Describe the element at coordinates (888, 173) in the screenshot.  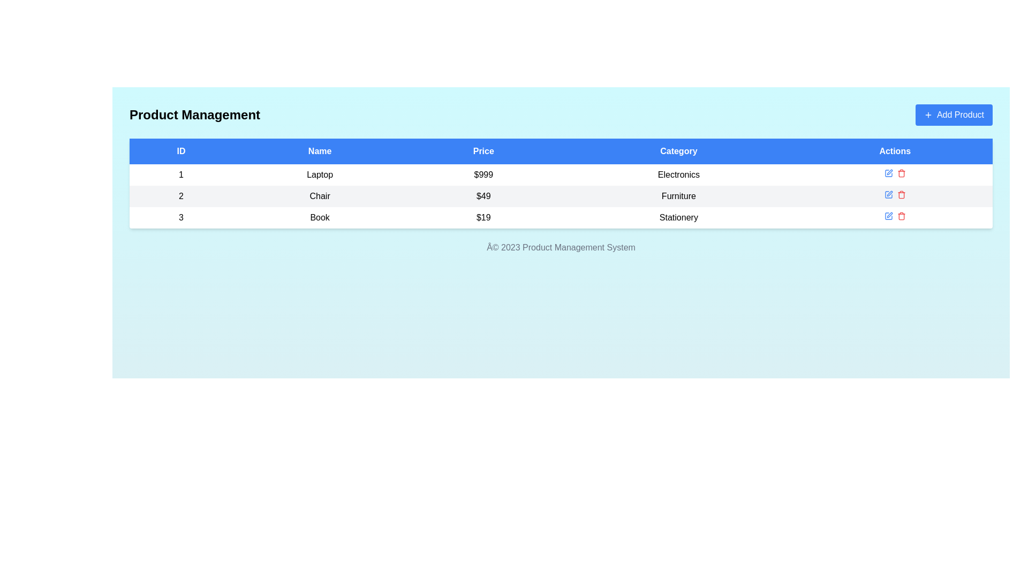
I see `the 'Edit' button located in the far-right cell of the first row of the table under the 'Actions' column to modify the corresponding row data` at that location.